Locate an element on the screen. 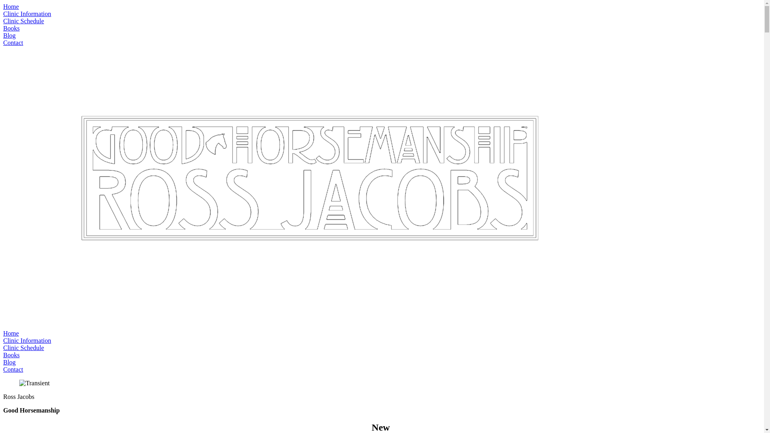 The height and width of the screenshot is (433, 770). 'Clinic Information' is located at coordinates (3, 14).